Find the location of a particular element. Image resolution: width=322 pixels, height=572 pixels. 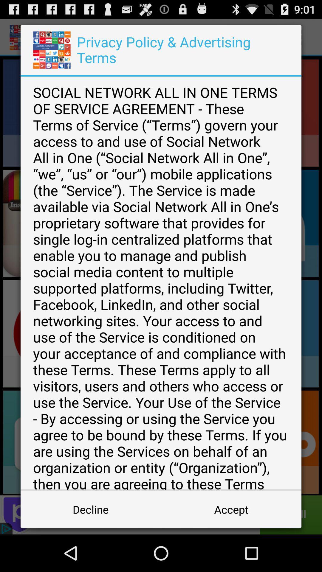

the app below the social network all icon is located at coordinates (91, 509).